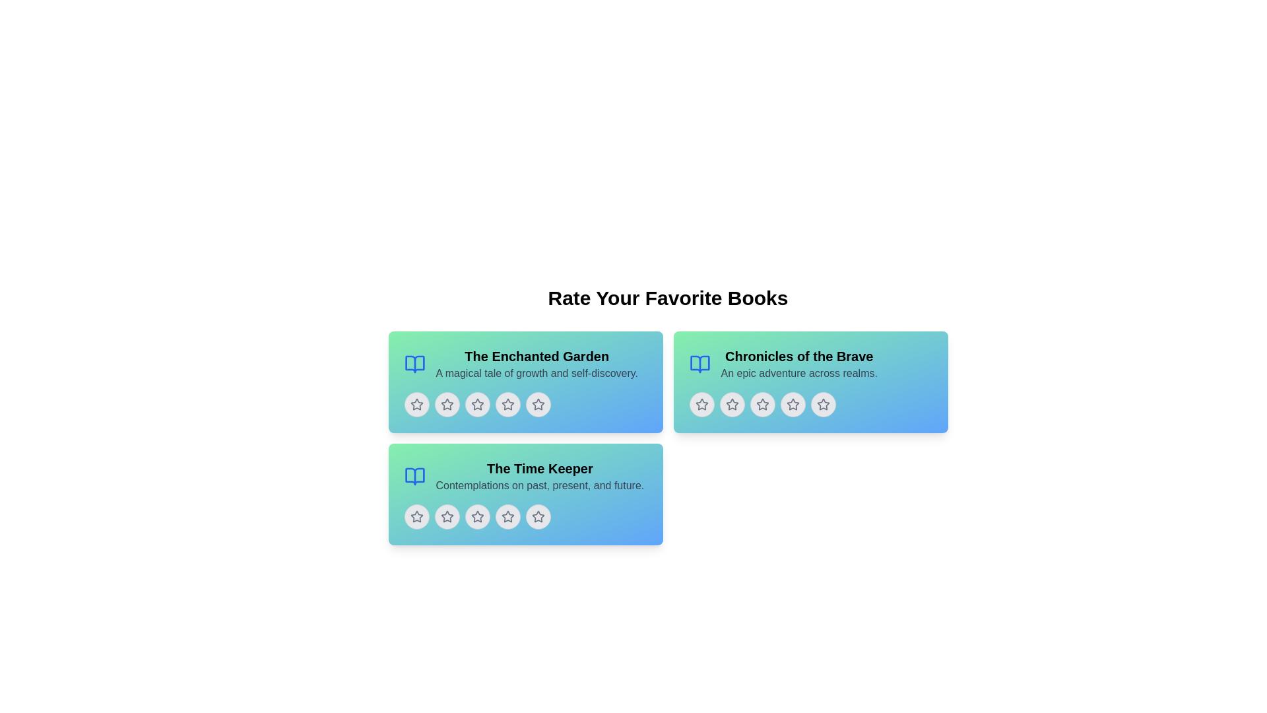 The height and width of the screenshot is (713, 1267). What do you see at coordinates (525, 404) in the screenshot?
I see `the fifth interactive star rating button to assign a rating of five stars to the book 'The Enchanted Garden'` at bounding box center [525, 404].